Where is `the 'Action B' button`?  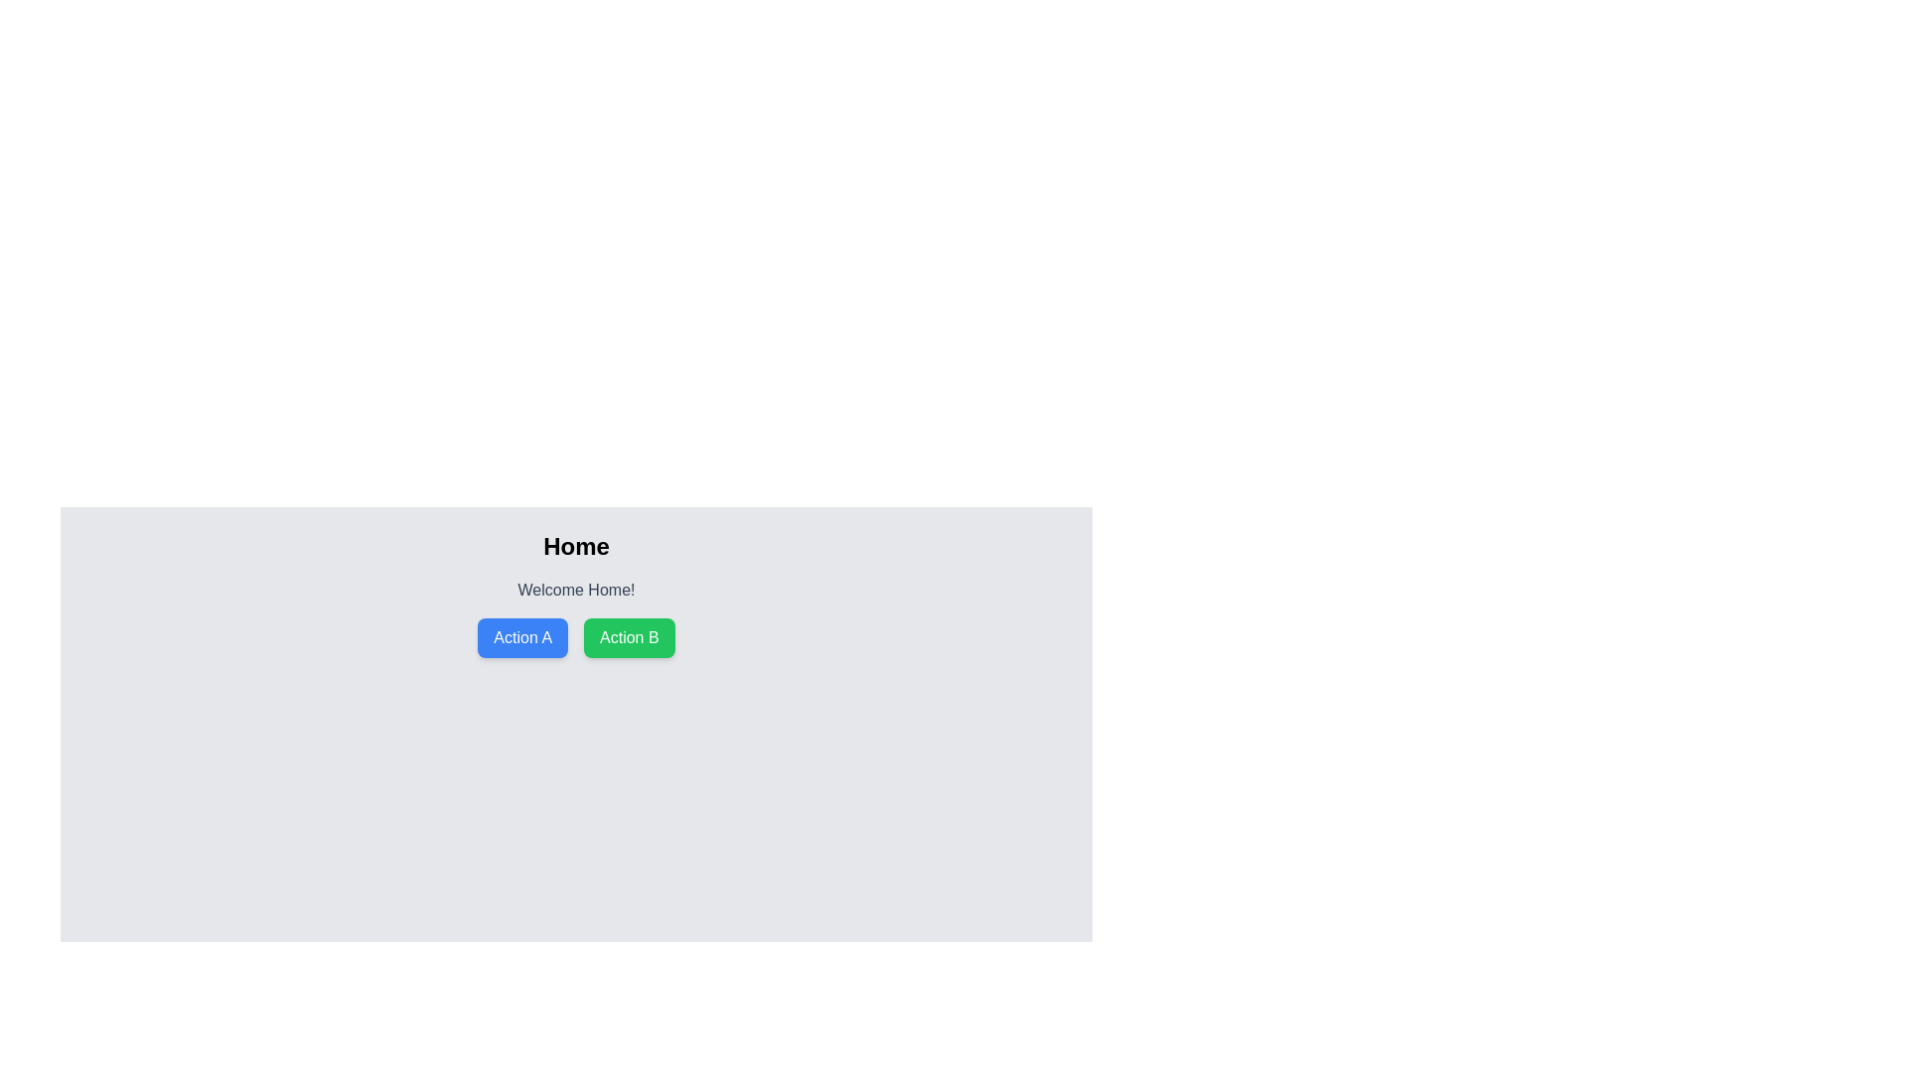 the 'Action B' button is located at coordinates (628, 638).